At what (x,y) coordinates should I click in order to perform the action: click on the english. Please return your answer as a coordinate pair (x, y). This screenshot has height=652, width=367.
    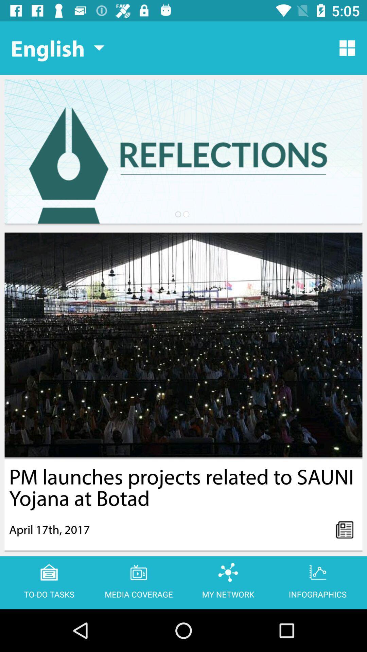
    Looking at the image, I should click on (57, 48).